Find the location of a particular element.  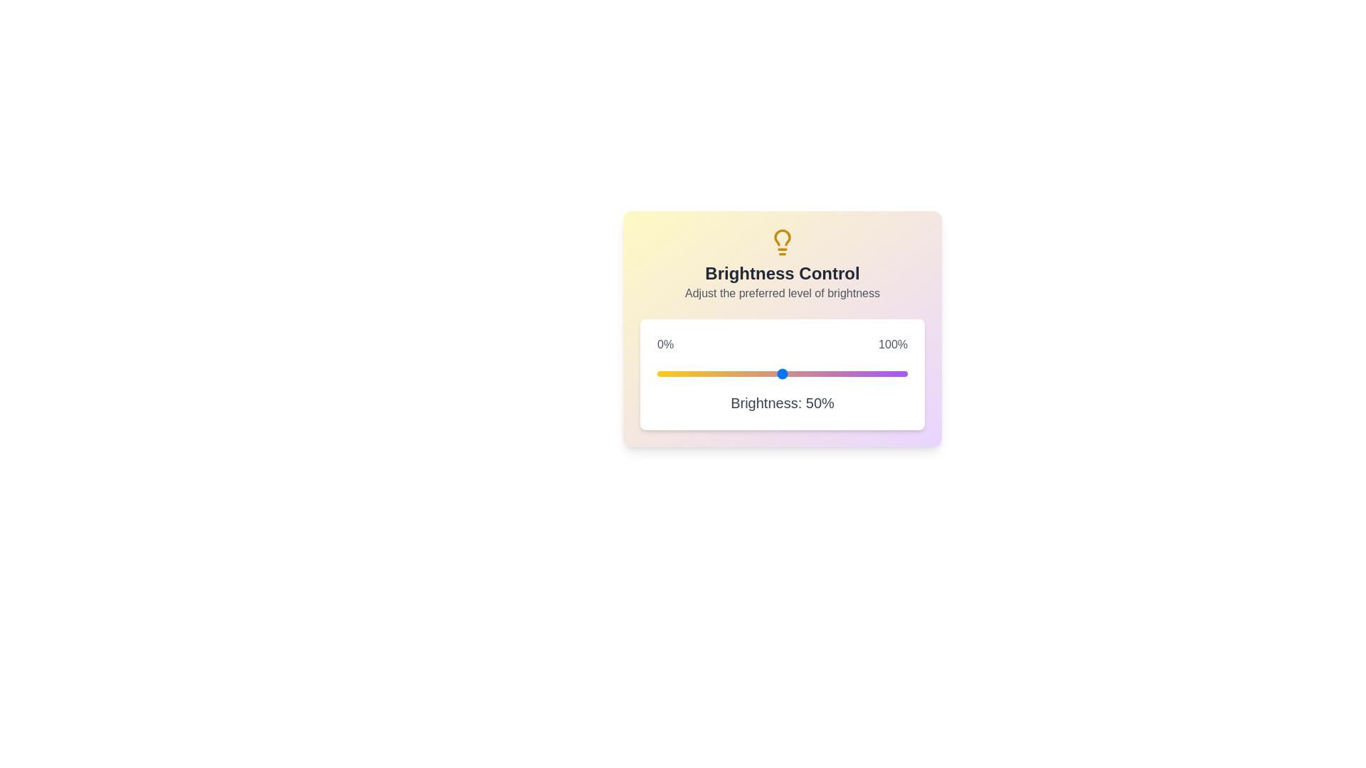

the brightness to 14% by moving the slider is located at coordinates (692, 373).